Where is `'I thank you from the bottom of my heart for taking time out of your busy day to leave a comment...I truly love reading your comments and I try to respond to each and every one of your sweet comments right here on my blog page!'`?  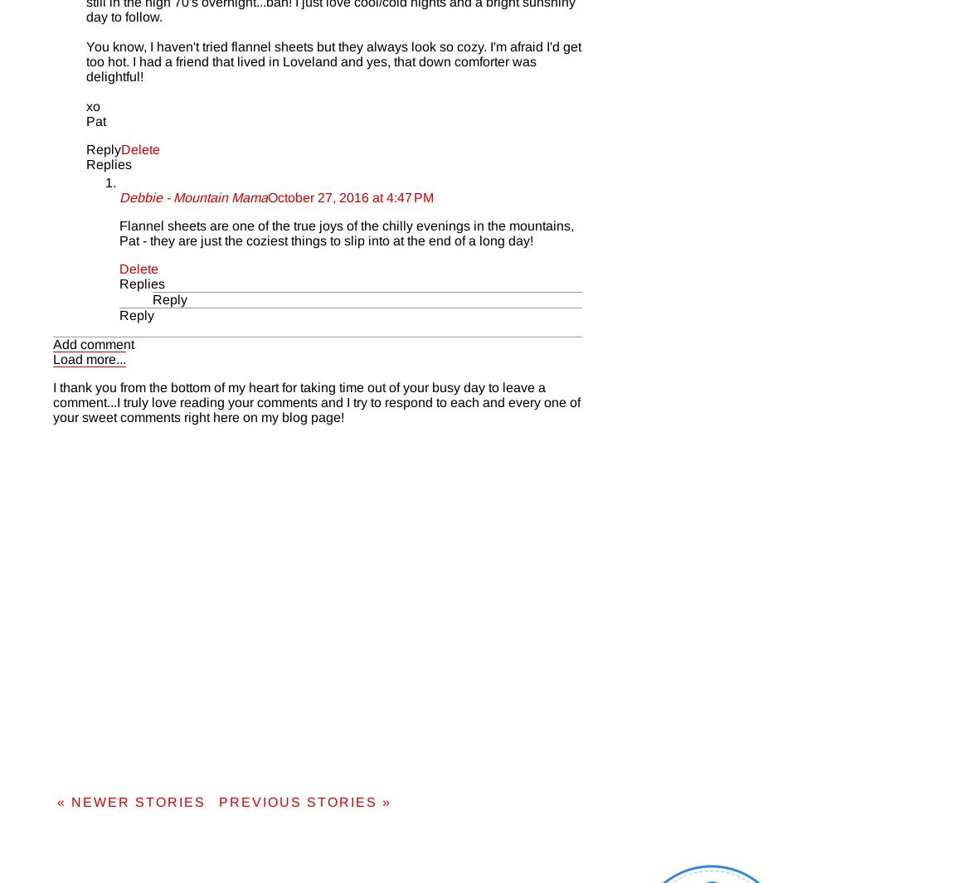
'I thank you from the bottom of my heart for taking time out of your busy day to leave a comment...I truly love reading your comments and I try to respond to each and every one of your sweet comments right here on my blog page!' is located at coordinates (317, 400).